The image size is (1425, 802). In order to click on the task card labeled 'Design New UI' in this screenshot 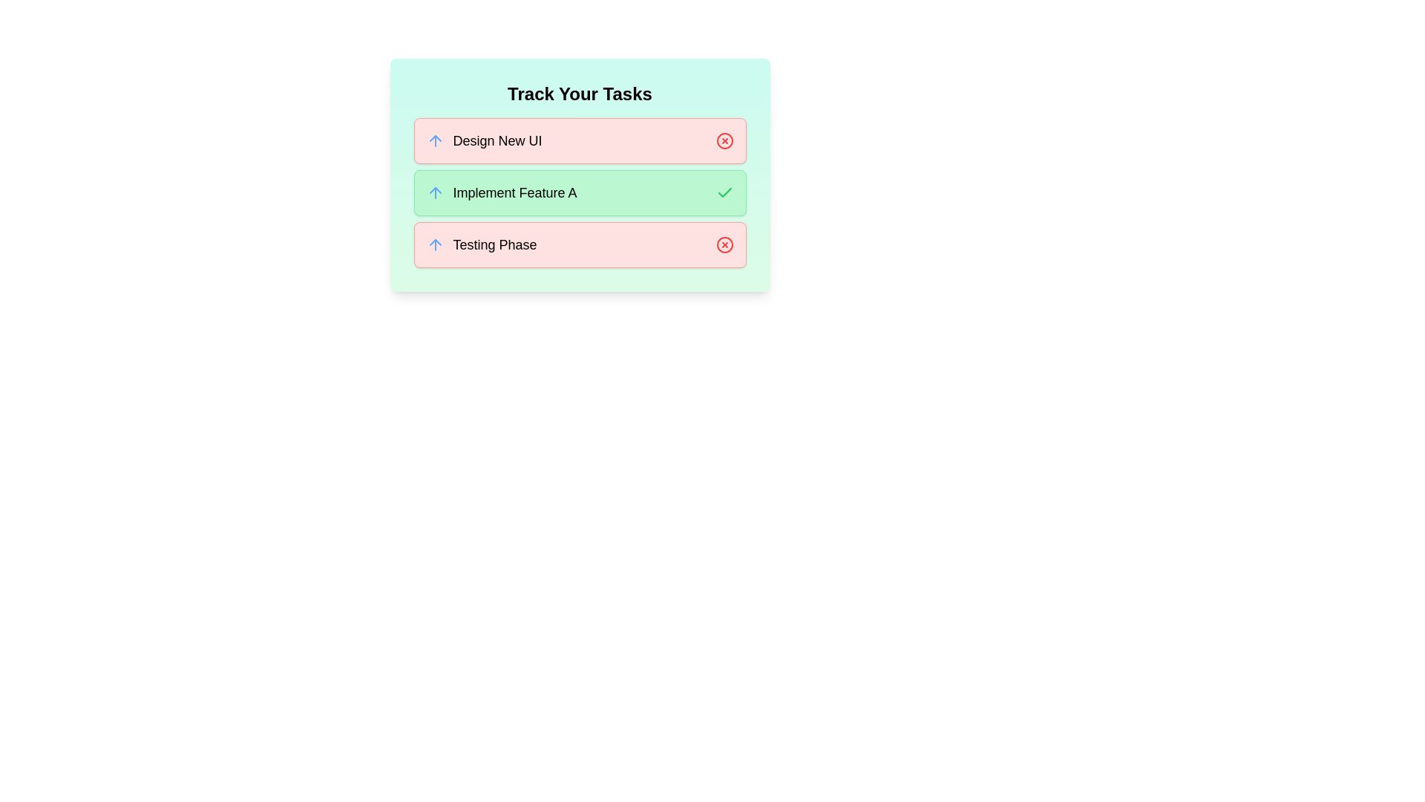, I will do `click(579, 140)`.